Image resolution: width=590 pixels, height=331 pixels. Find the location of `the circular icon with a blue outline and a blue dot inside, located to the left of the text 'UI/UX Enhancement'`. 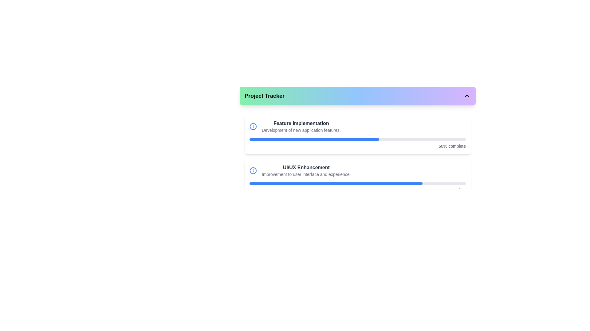

the circular icon with a blue outline and a blue dot inside, located to the left of the text 'UI/UX Enhancement' is located at coordinates (253, 170).